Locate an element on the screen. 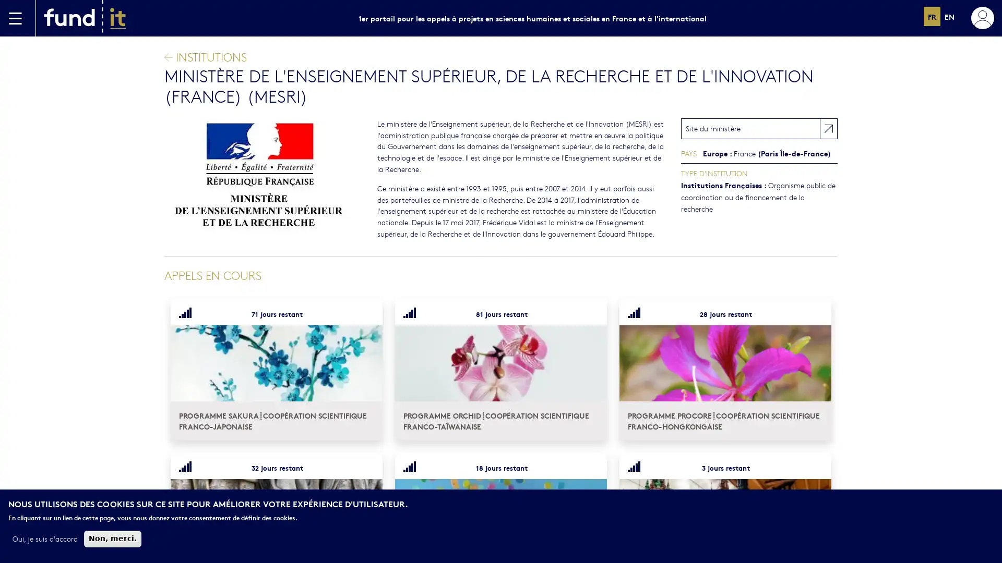  Oui, je suis d'accord is located at coordinates (44, 538).